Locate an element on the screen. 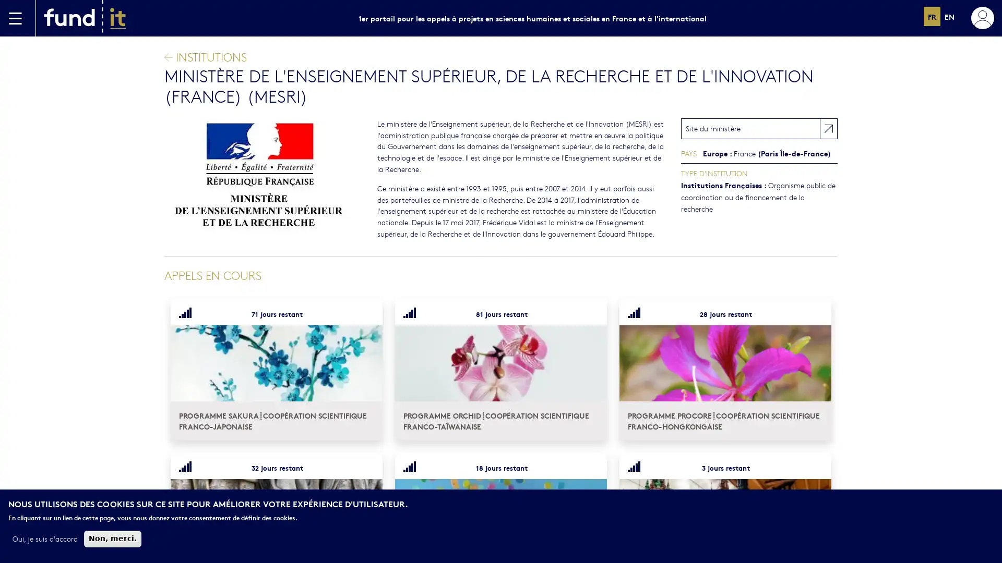  Oui, je suis d'accord is located at coordinates (44, 538).